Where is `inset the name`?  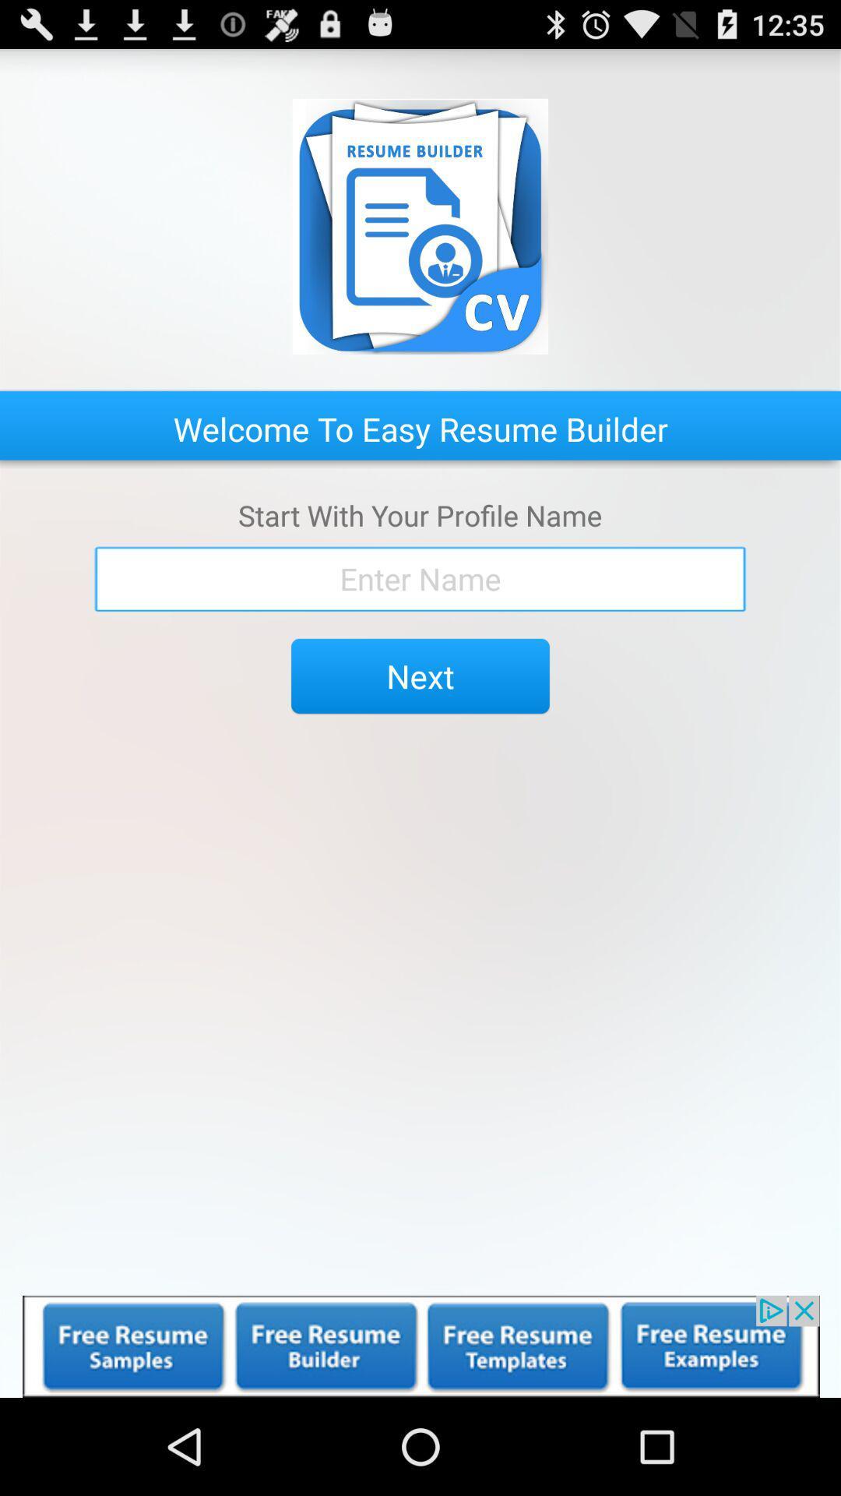
inset the name is located at coordinates (420, 578).